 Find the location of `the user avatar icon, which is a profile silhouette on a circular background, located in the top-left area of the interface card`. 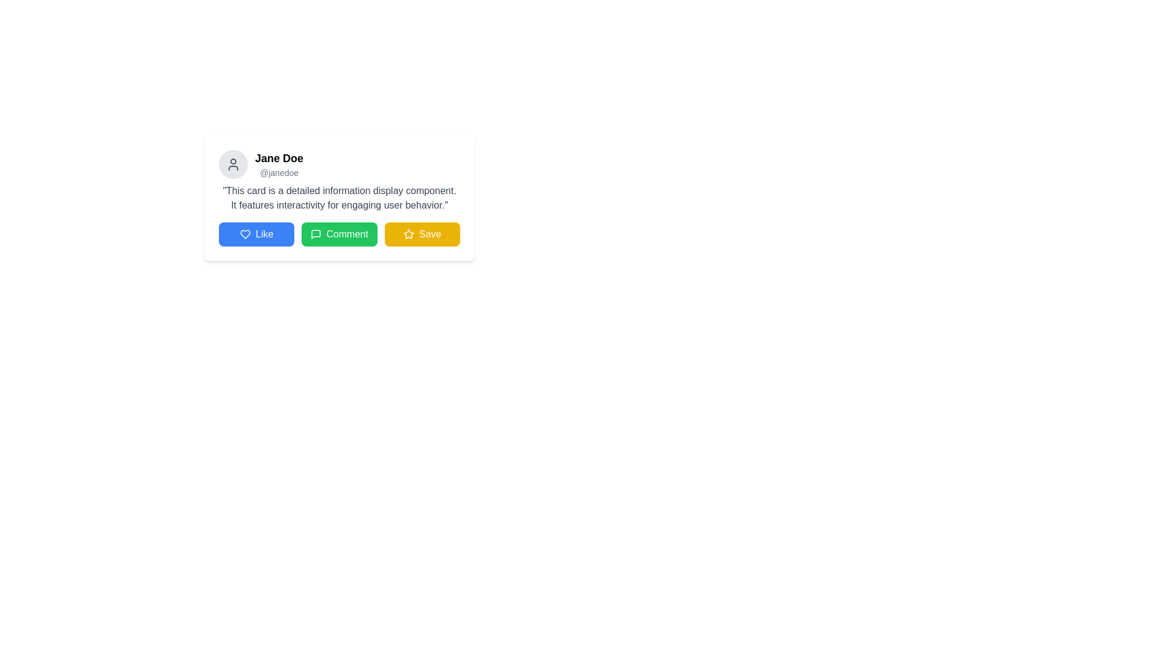

the user avatar icon, which is a profile silhouette on a circular background, located in the top-left area of the interface card is located at coordinates (233, 165).